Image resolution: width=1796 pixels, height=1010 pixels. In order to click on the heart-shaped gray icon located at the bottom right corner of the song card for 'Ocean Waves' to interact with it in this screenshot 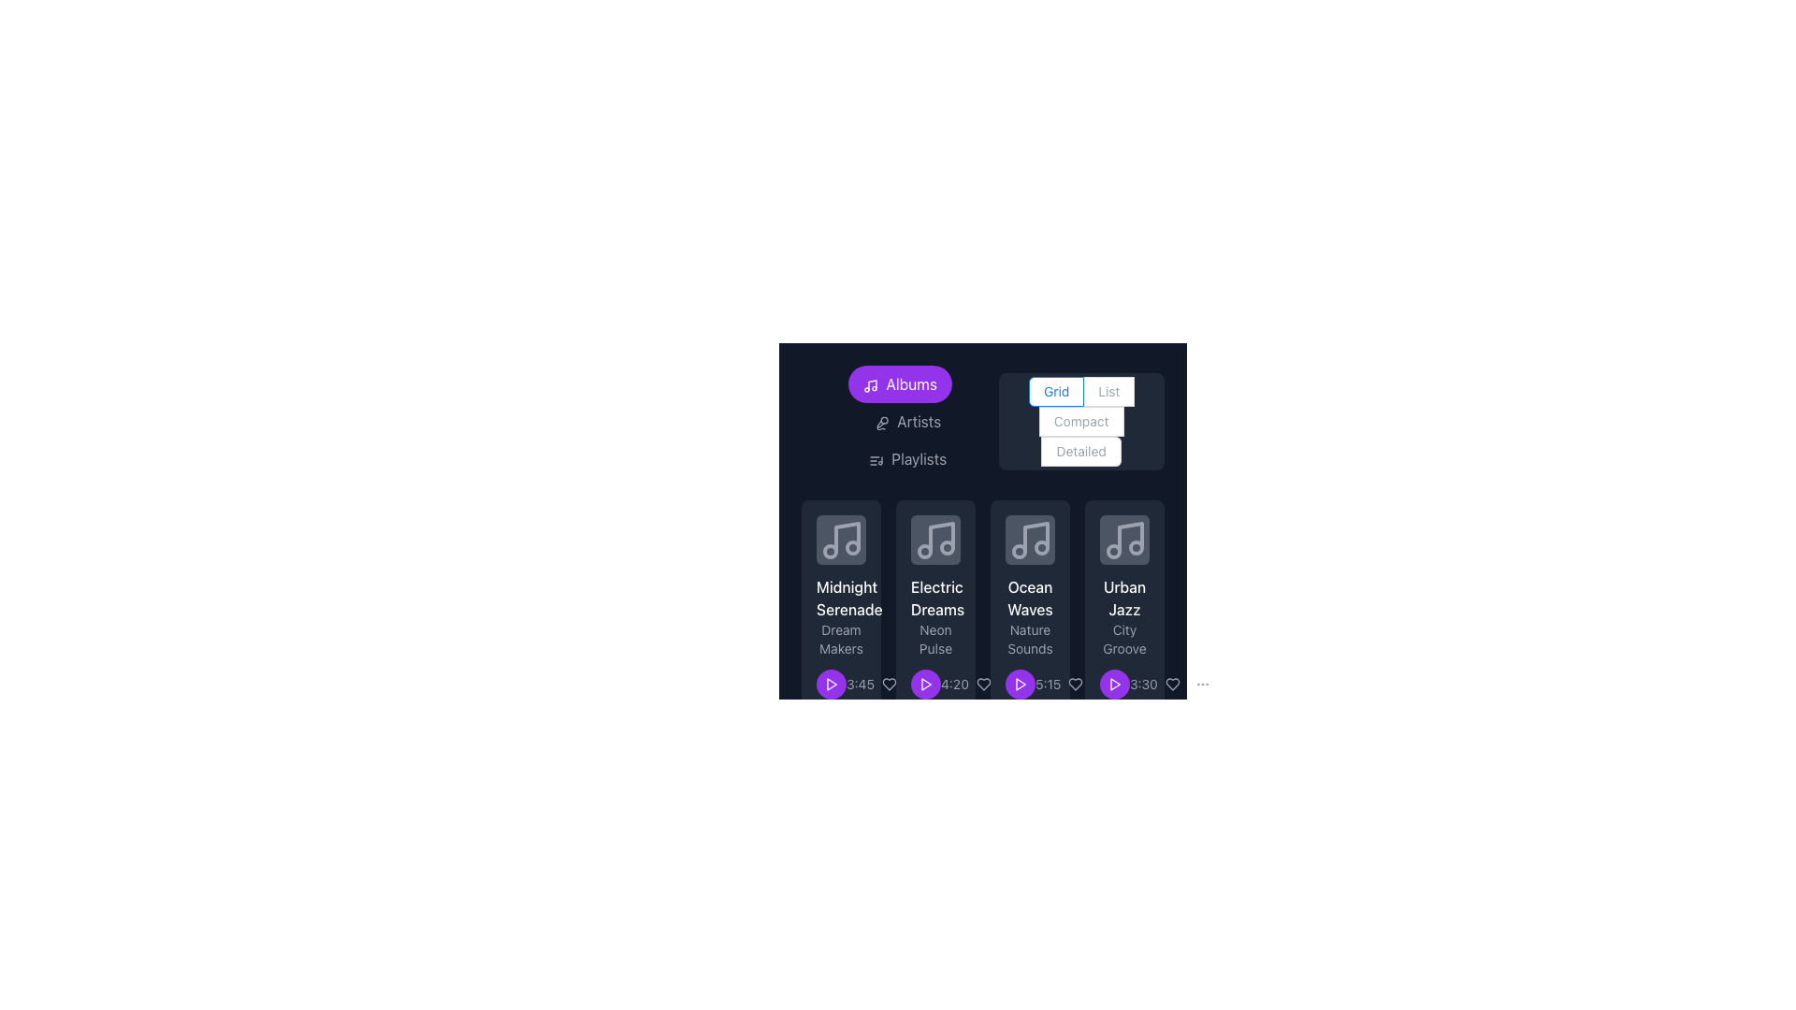, I will do `click(1076, 685)`.